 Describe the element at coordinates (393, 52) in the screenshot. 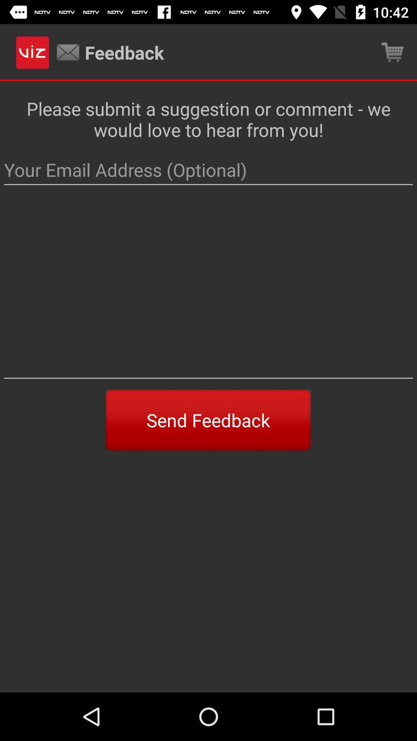

I see `item at the top right corner` at that location.